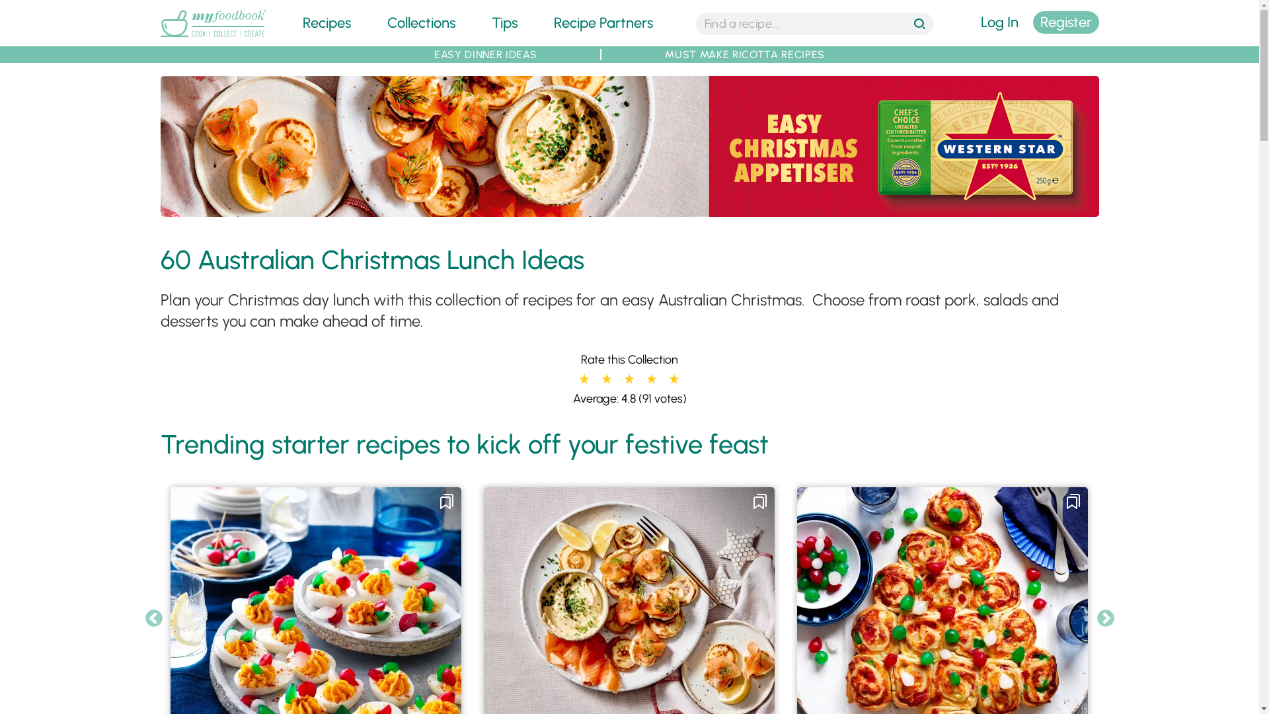  I want to click on 'Log In', so click(999, 22).